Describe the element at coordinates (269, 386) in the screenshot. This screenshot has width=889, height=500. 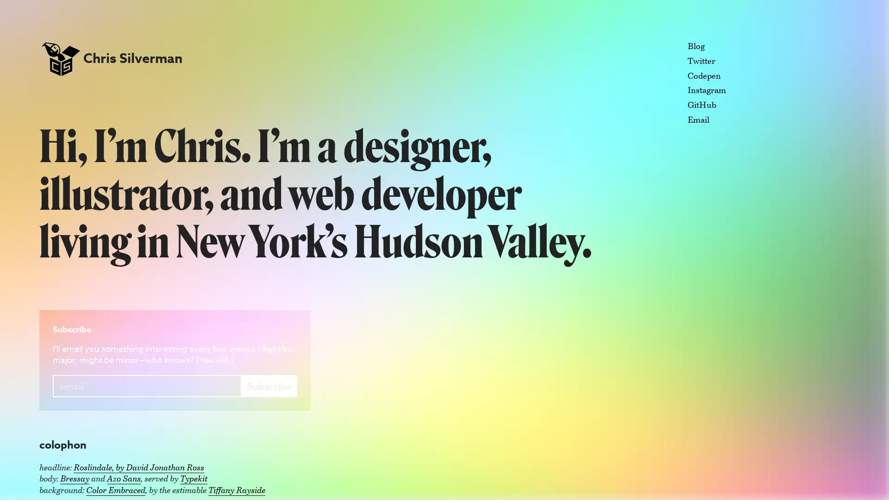
I see `Subscribe` at that location.